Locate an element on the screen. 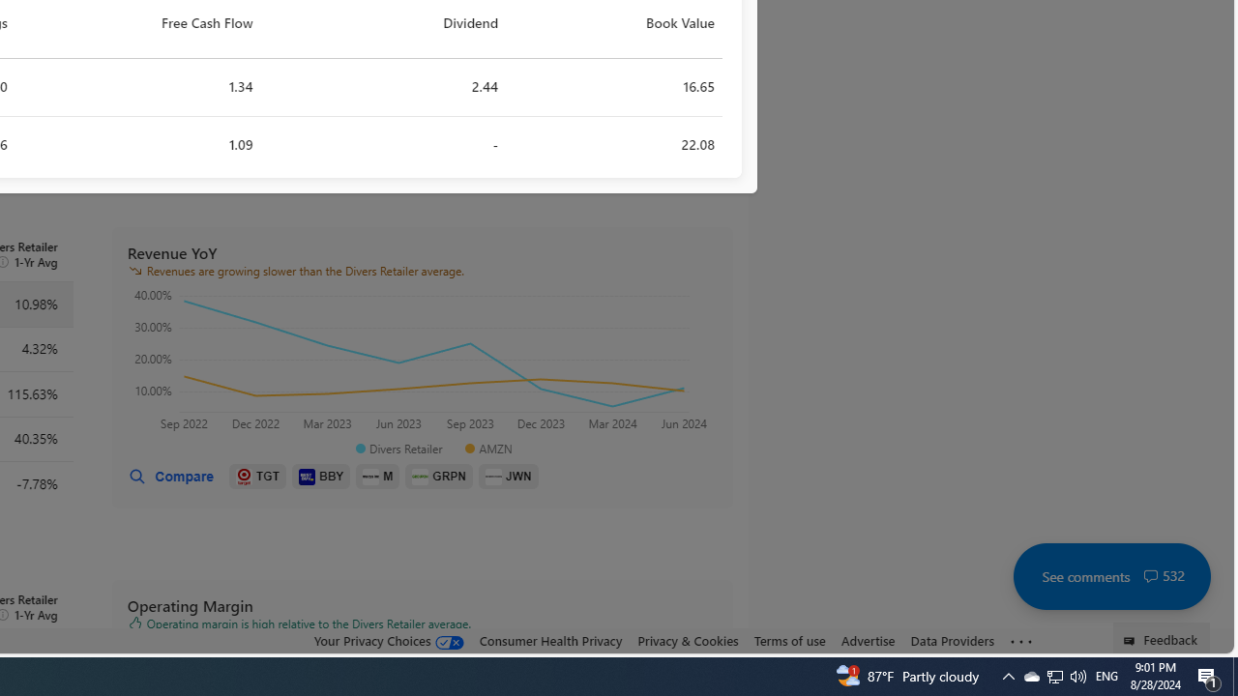  'Feedback' is located at coordinates (1161, 637).